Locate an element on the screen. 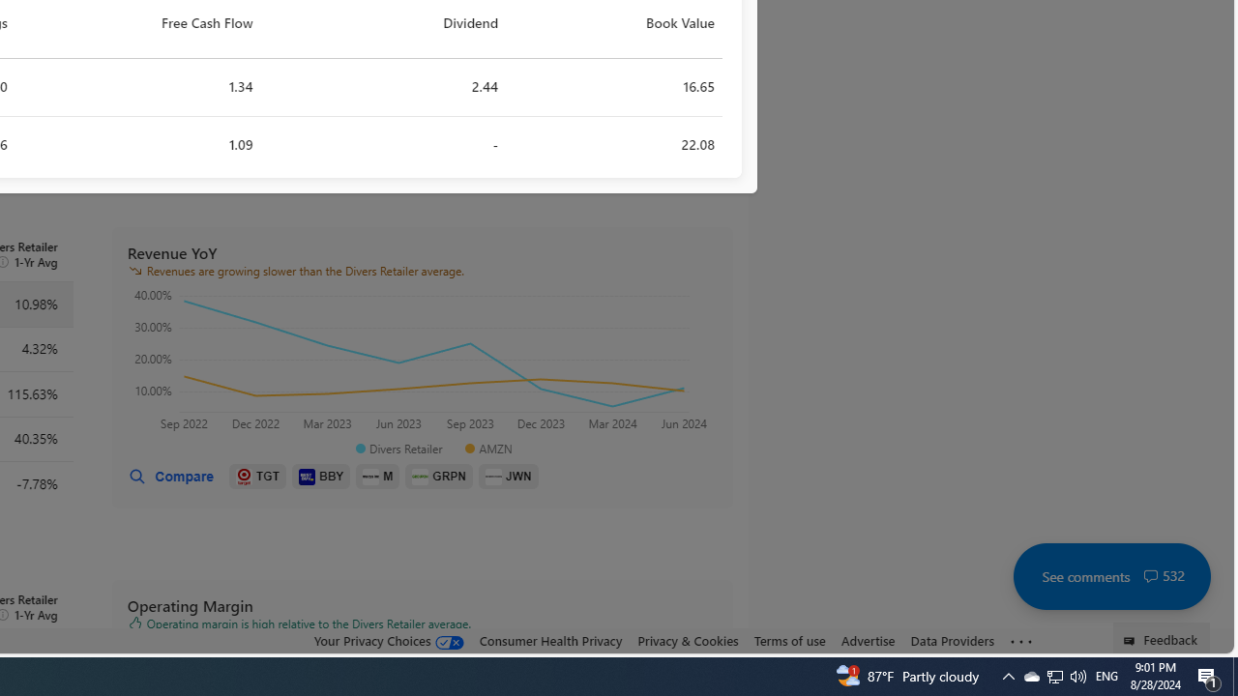  'Feedback' is located at coordinates (1161, 637).